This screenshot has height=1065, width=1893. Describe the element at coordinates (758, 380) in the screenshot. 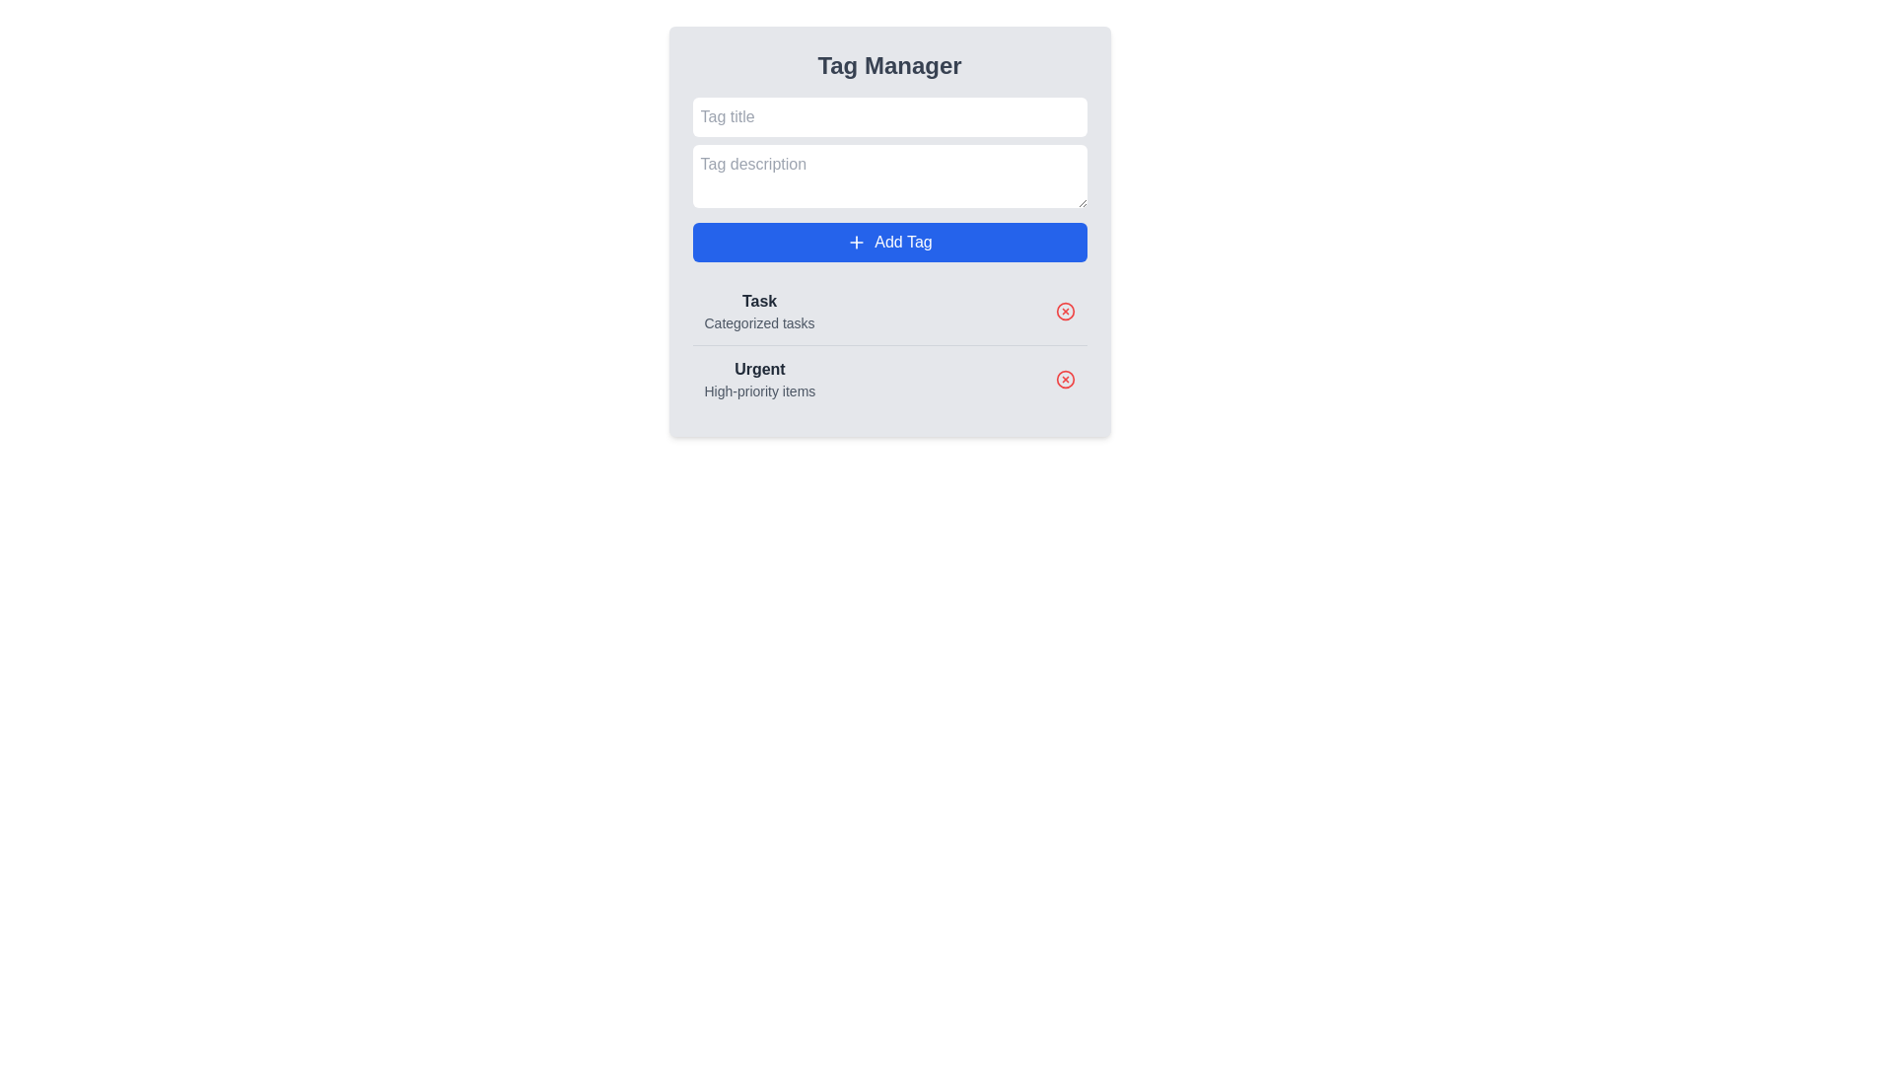

I see `the 'Urgent' text label element that displays 'High-priority items', located in the lower middle portion of the interface, between 'Task: Categorized tasks' and a red icon button` at that location.